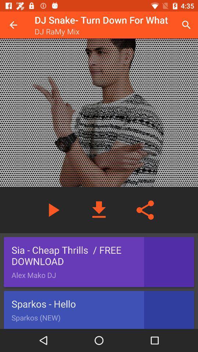 The width and height of the screenshot is (198, 352). I want to click on sia cheap thrills, so click(99, 262).